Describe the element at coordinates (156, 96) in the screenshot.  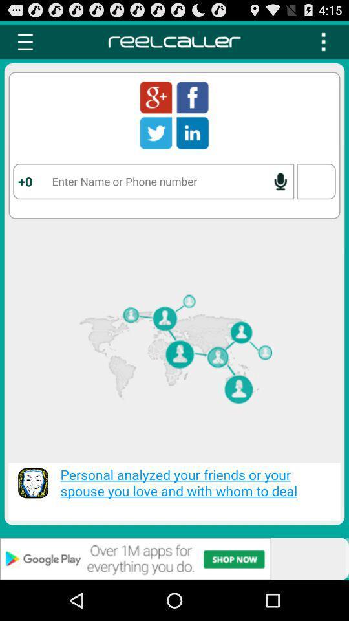
I see `google` at that location.